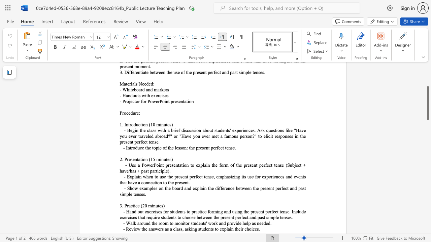 The width and height of the screenshot is (431, 242). I want to click on the subset text "e the topic of the lesson: the present perfect ten" within the text "- Introduce the topic of the lesson: the present perfect tense.", so click(141, 147).